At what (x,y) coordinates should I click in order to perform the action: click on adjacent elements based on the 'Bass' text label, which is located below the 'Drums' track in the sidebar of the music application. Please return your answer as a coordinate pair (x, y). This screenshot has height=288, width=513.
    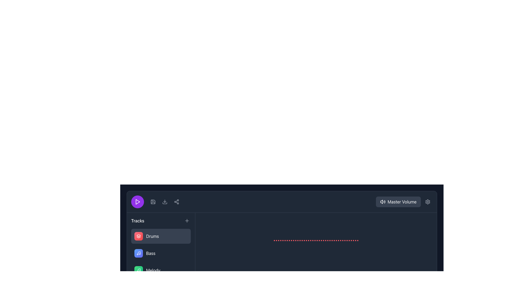
    Looking at the image, I should click on (150, 253).